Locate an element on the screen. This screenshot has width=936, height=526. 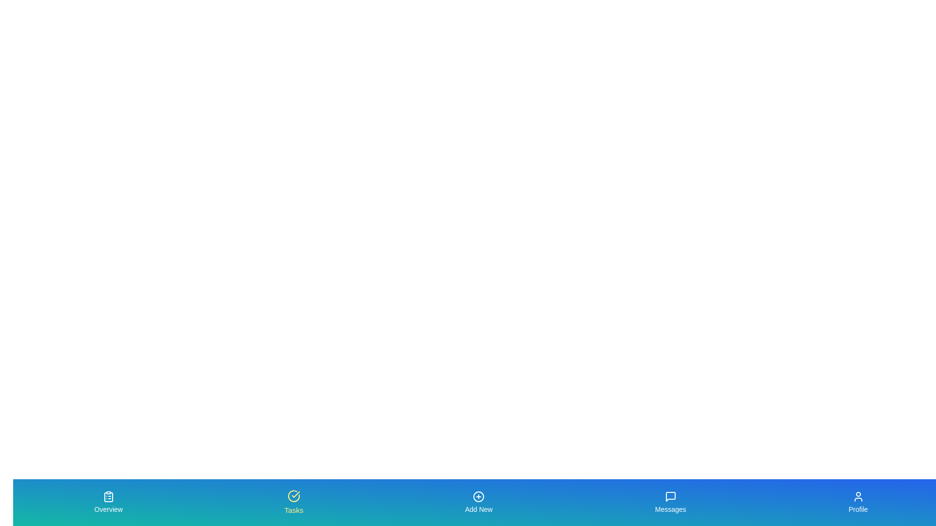
the tab labeled 'Profile' to trigger its hover effect is located at coordinates (858, 503).